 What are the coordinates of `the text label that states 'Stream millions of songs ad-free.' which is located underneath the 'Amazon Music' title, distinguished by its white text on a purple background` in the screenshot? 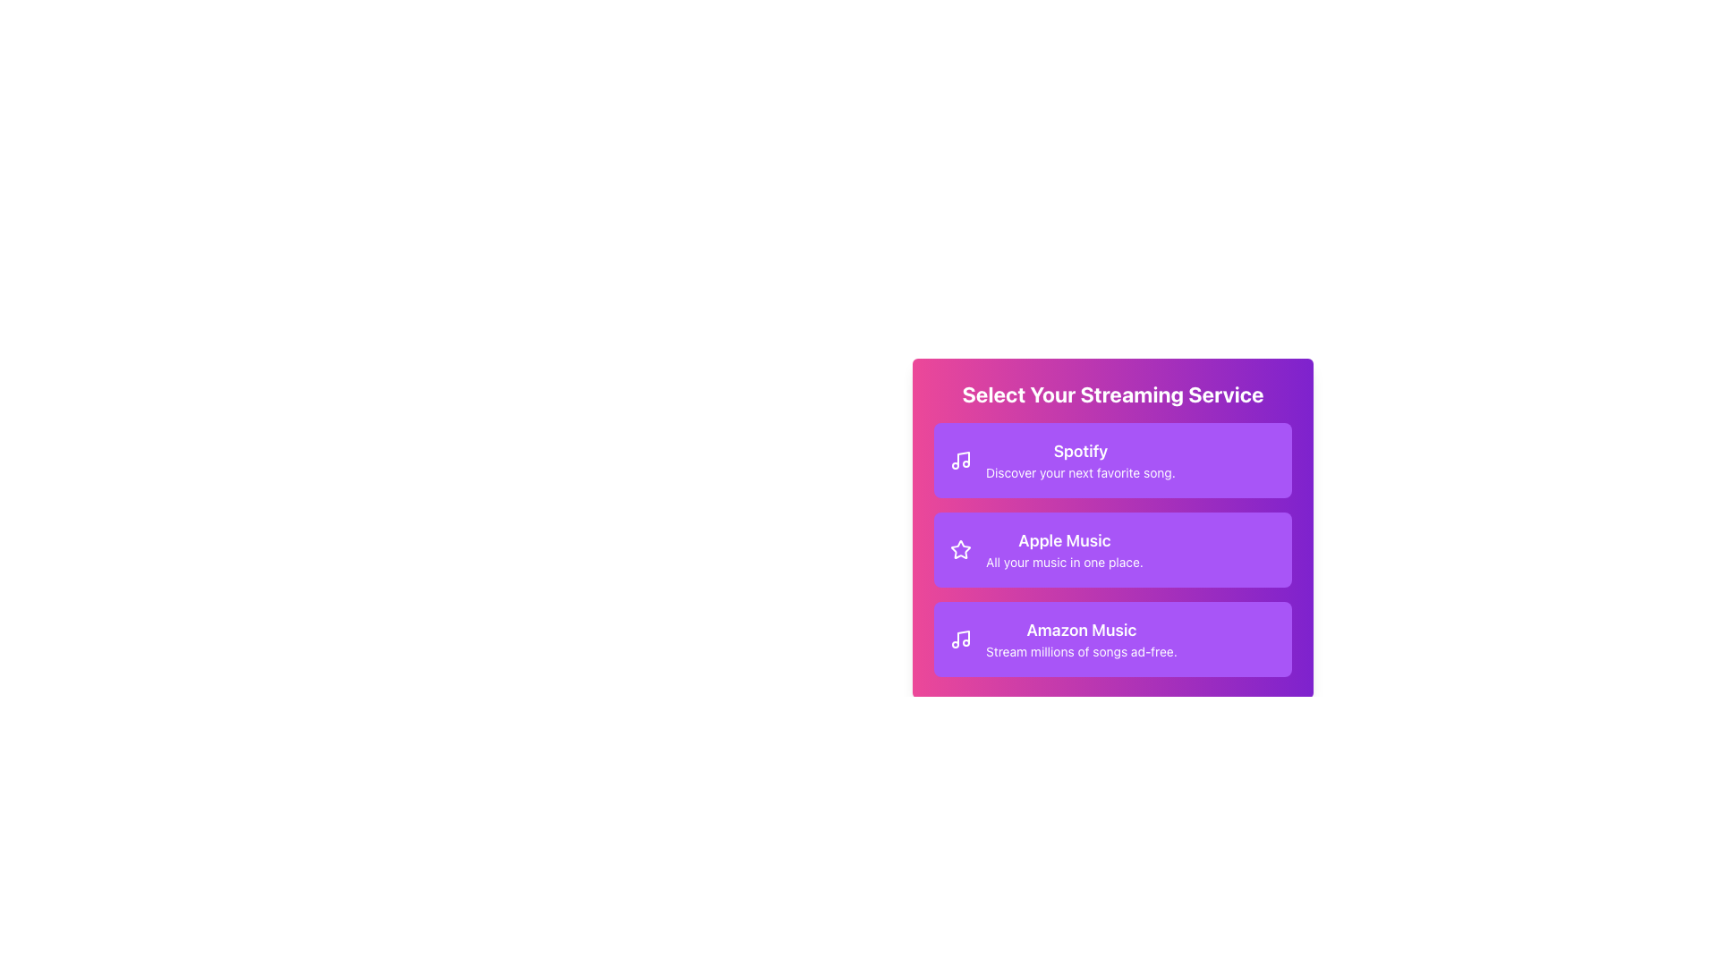 It's located at (1080, 652).